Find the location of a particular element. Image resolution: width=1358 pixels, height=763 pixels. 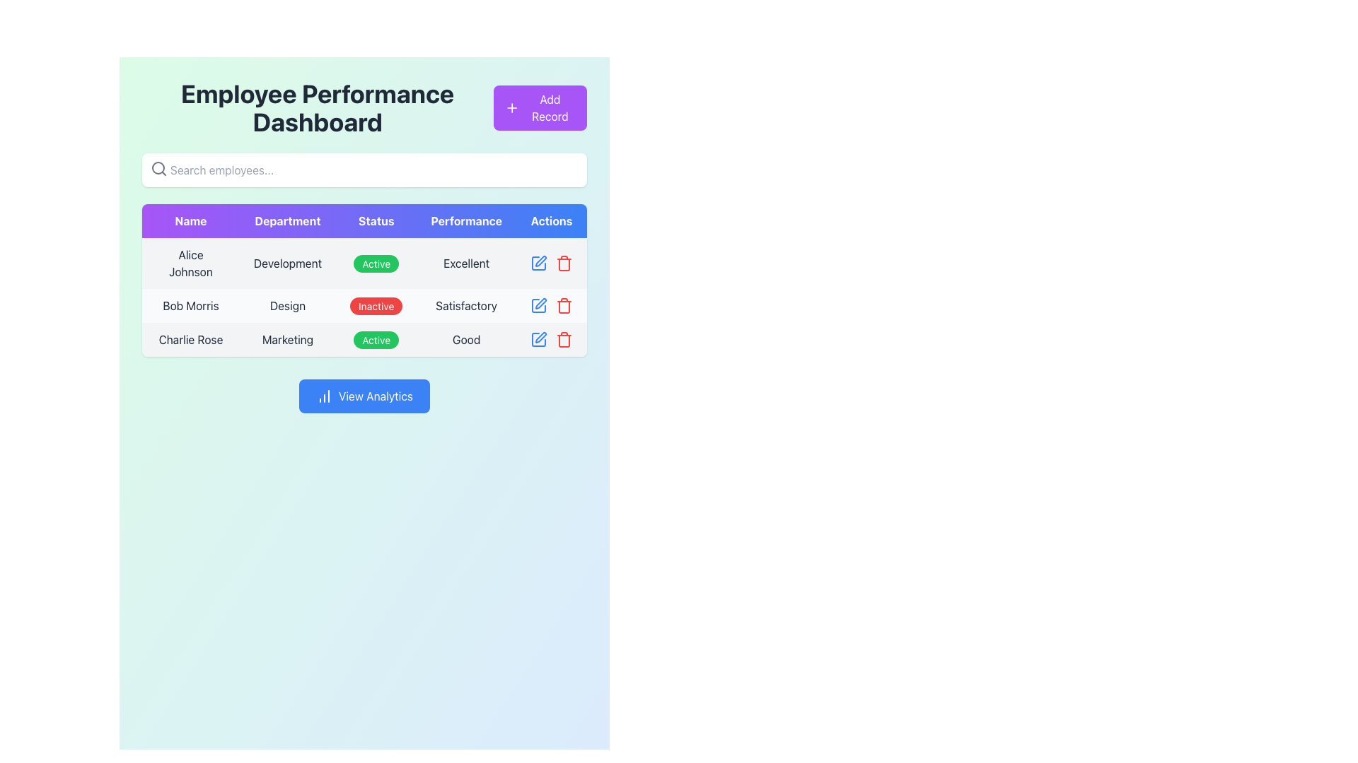

the plus icon in the 'Add Record' button located at the top right corner of the 'Employee Performance Dashboard' to observe any hover effects is located at coordinates (511, 107).